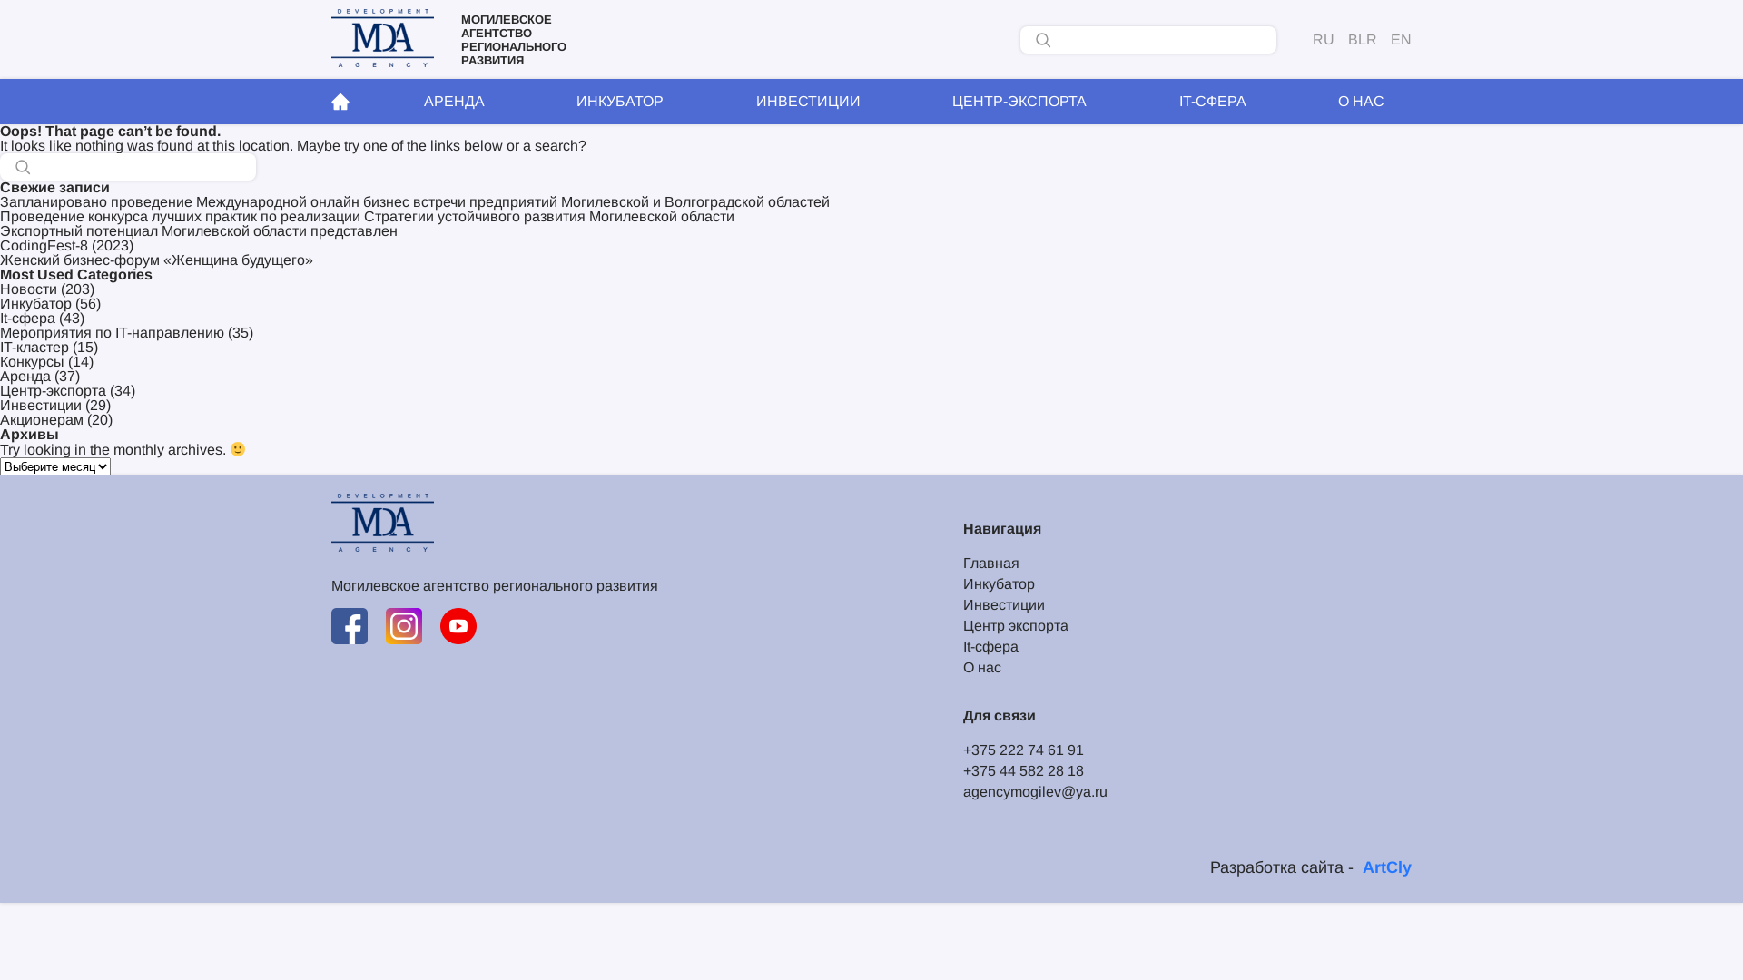 This screenshot has width=1743, height=980. I want to click on 'RU', so click(1324, 38).